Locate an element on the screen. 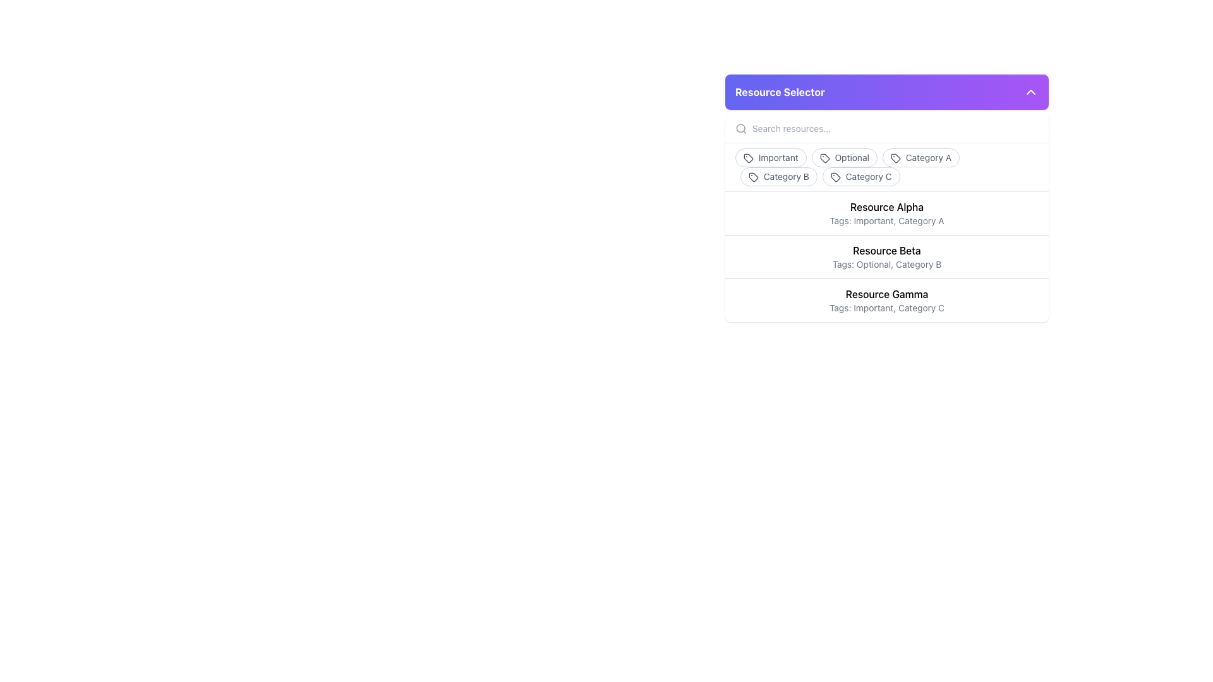  the SVG Circle icon representing a magnifying glass located at the left side of the 'Search resources' input field is located at coordinates (740, 128).